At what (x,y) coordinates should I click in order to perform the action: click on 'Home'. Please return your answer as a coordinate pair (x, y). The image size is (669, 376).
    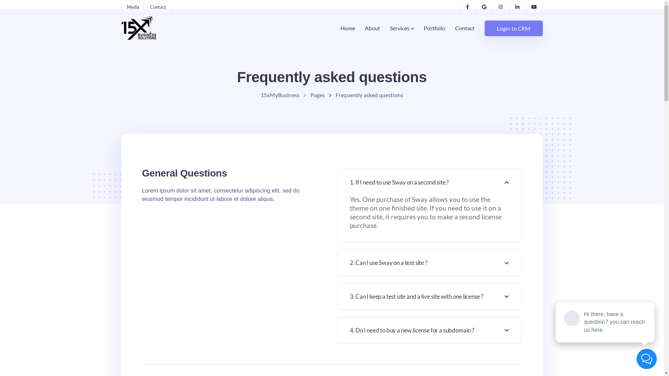
    Looking at the image, I should click on (336, 28).